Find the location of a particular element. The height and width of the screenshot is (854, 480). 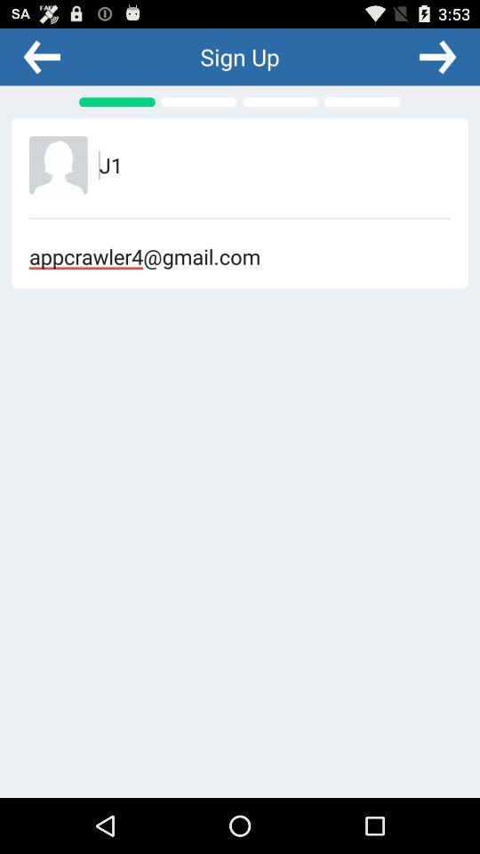

the arrow_backward icon is located at coordinates (42, 60).